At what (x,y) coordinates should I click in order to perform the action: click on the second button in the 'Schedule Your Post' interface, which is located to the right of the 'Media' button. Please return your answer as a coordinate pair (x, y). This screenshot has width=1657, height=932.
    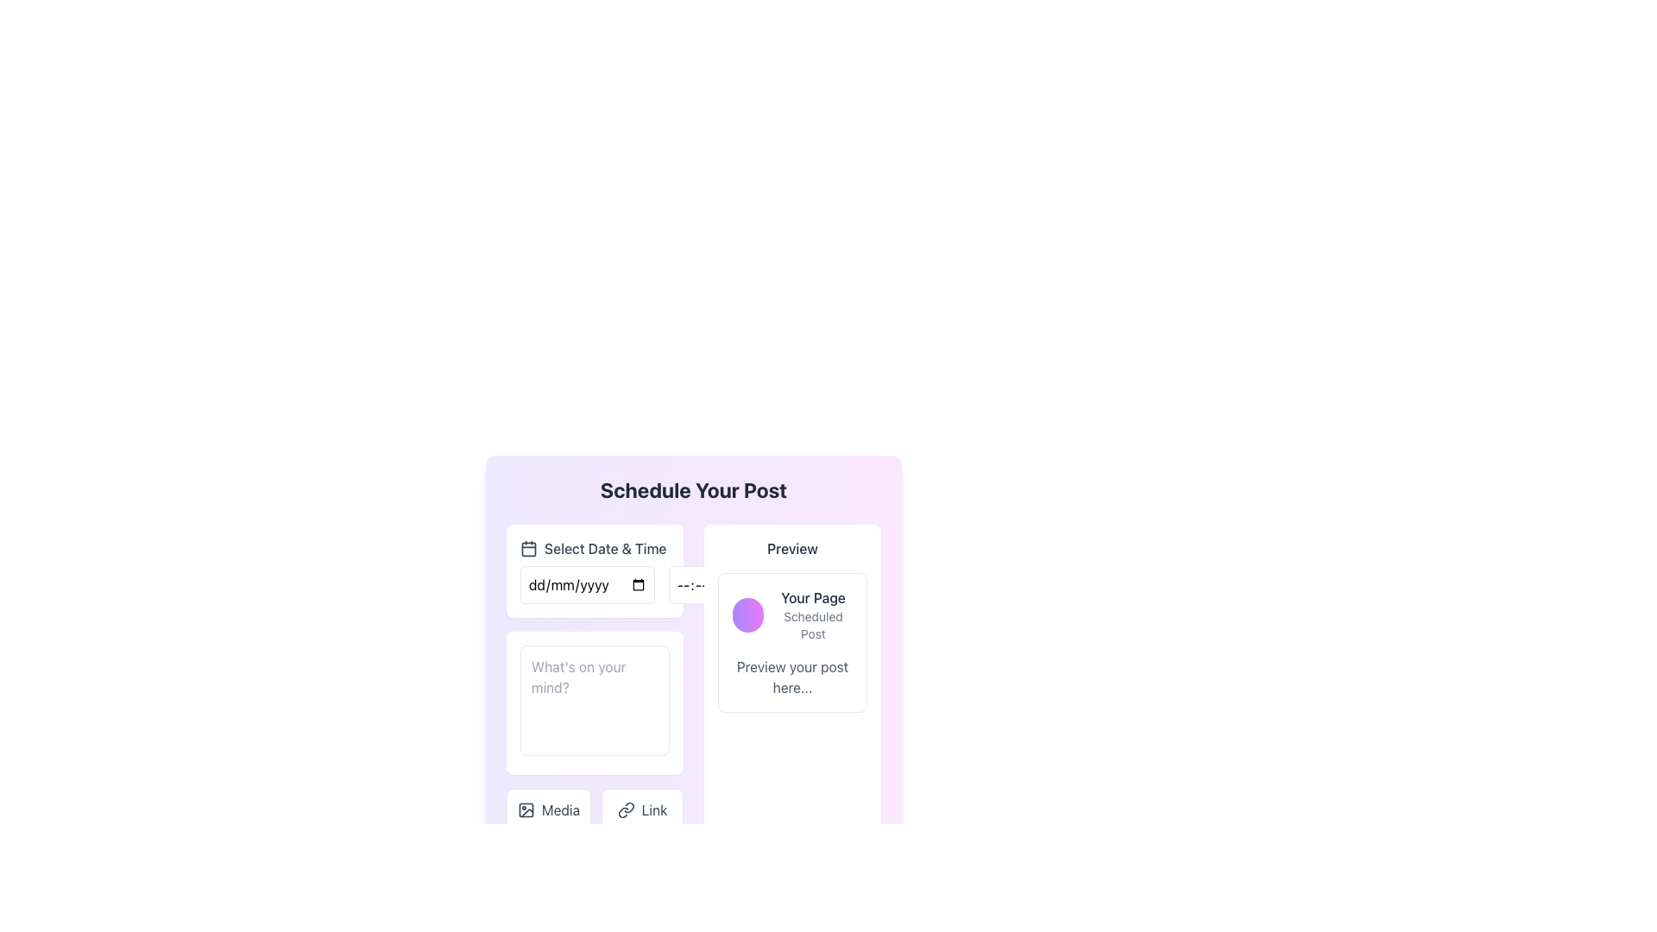
    Looking at the image, I should click on (641, 809).